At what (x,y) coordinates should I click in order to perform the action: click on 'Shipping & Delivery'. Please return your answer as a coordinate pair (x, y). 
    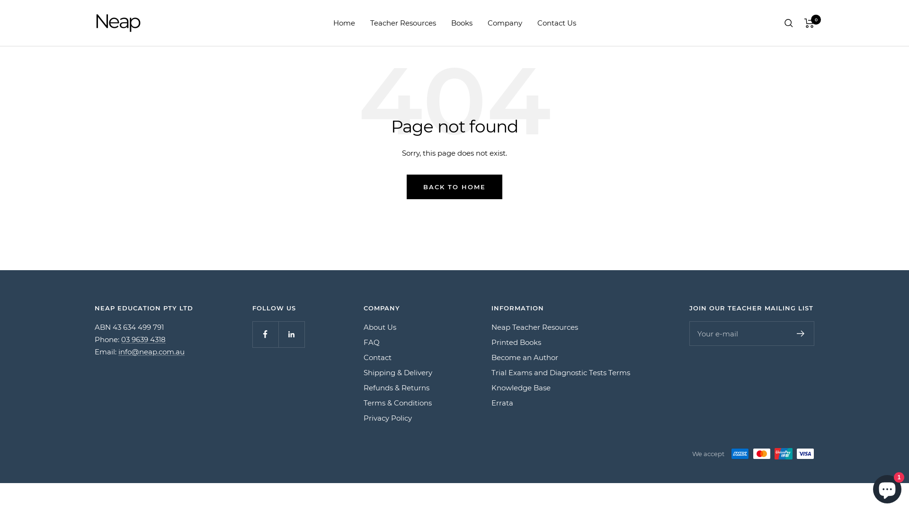
    Looking at the image, I should click on (363, 372).